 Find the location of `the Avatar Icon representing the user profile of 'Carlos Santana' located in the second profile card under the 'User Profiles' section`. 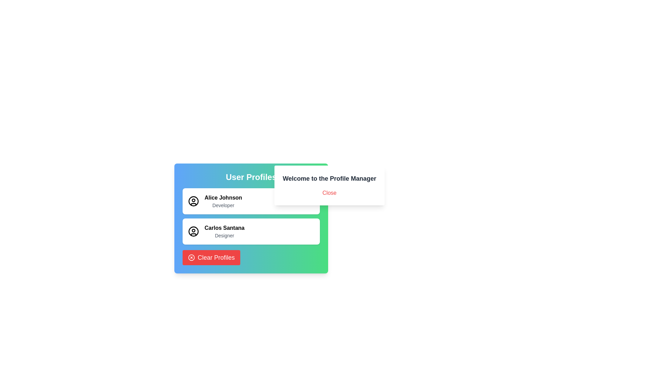

the Avatar Icon representing the user profile of 'Carlos Santana' located in the second profile card under the 'User Profiles' section is located at coordinates (193, 232).